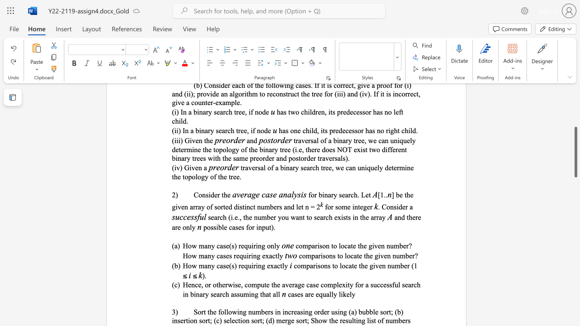 The image size is (580, 326). What do you see at coordinates (575, 152) in the screenshot?
I see `the scrollbar and move up 40 pixels` at bounding box center [575, 152].